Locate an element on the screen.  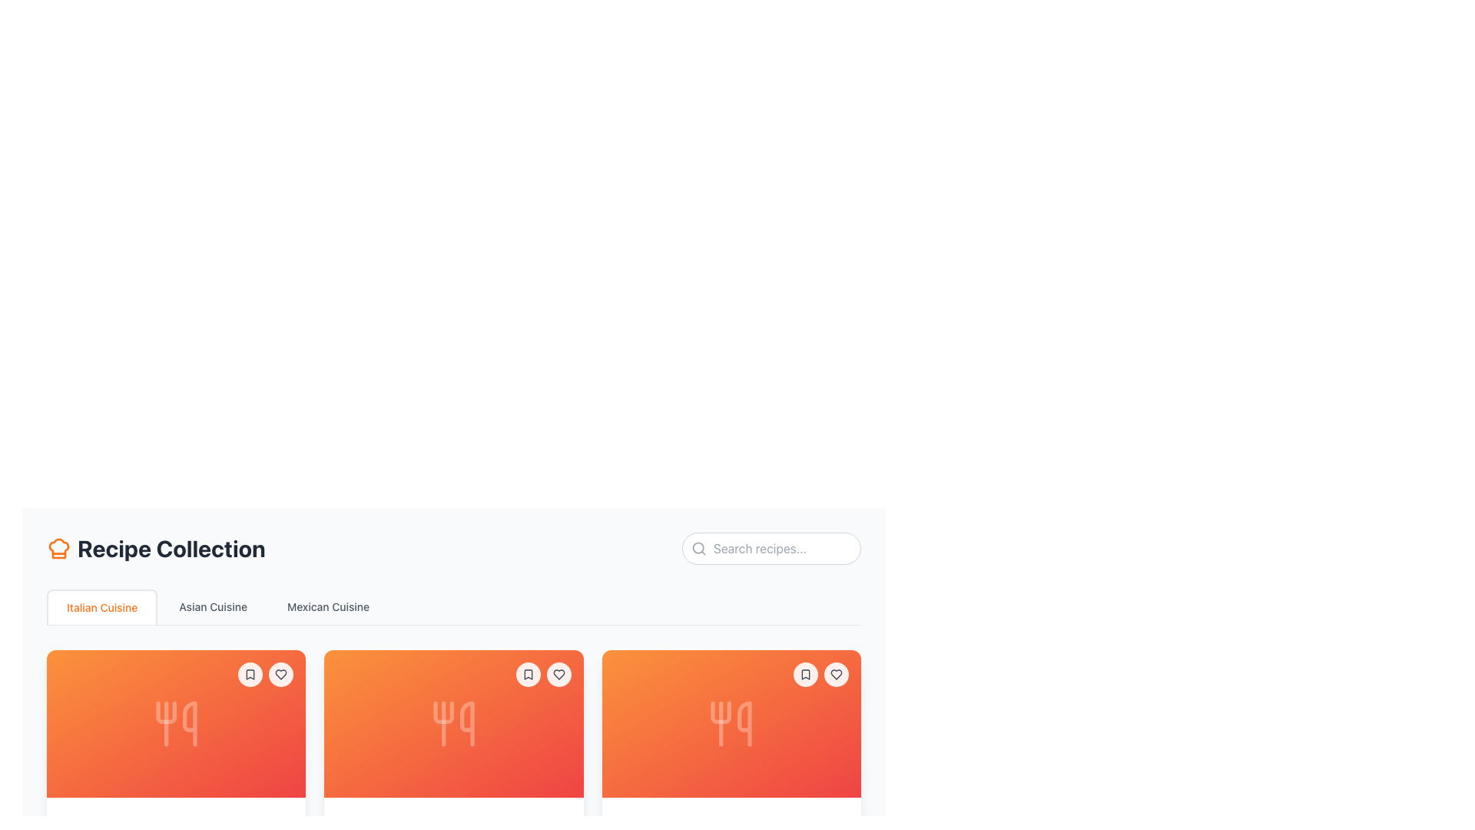
the bookmark action button located in the top-right corner of the orange content card is located at coordinates (805, 674).